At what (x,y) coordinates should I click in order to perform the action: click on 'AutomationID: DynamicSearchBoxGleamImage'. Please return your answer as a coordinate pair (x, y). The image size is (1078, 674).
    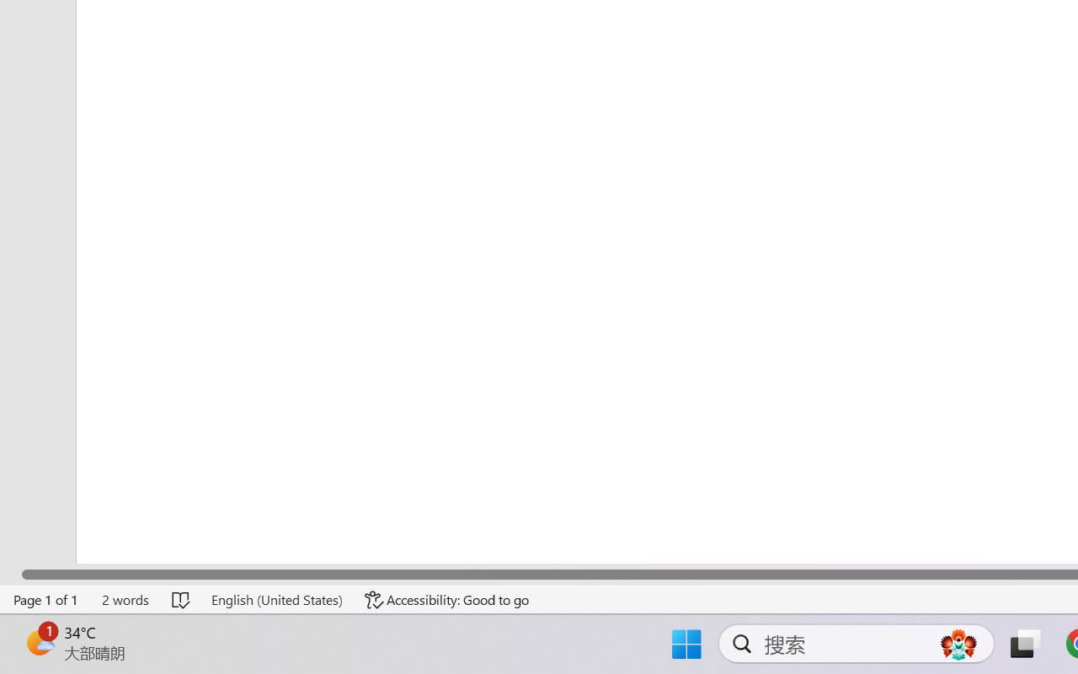
    Looking at the image, I should click on (958, 644).